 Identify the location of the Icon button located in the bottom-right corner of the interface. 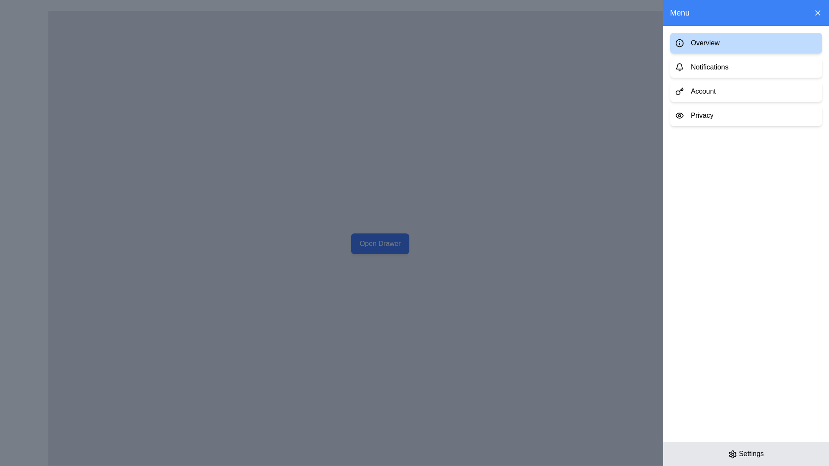
(732, 453).